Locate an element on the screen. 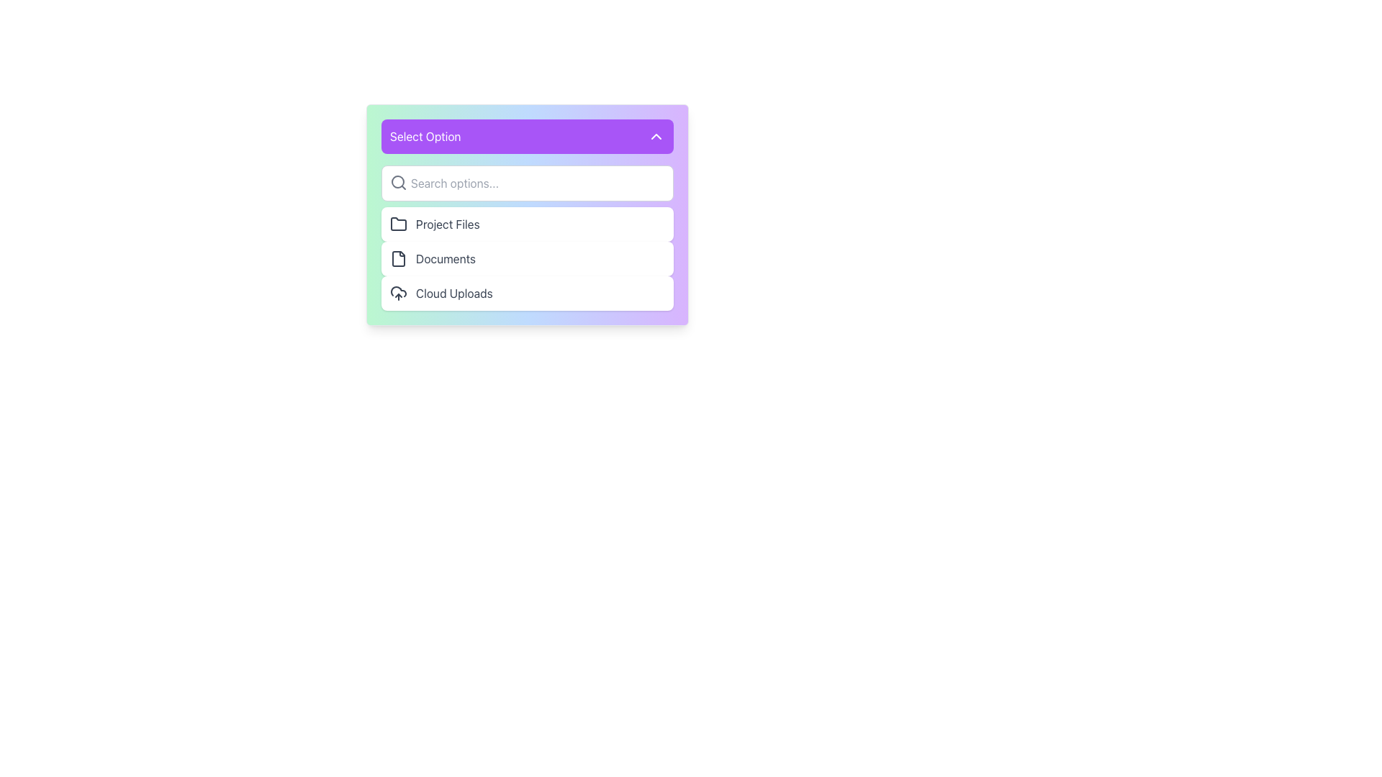  the cloud upload icon is located at coordinates (398, 293).